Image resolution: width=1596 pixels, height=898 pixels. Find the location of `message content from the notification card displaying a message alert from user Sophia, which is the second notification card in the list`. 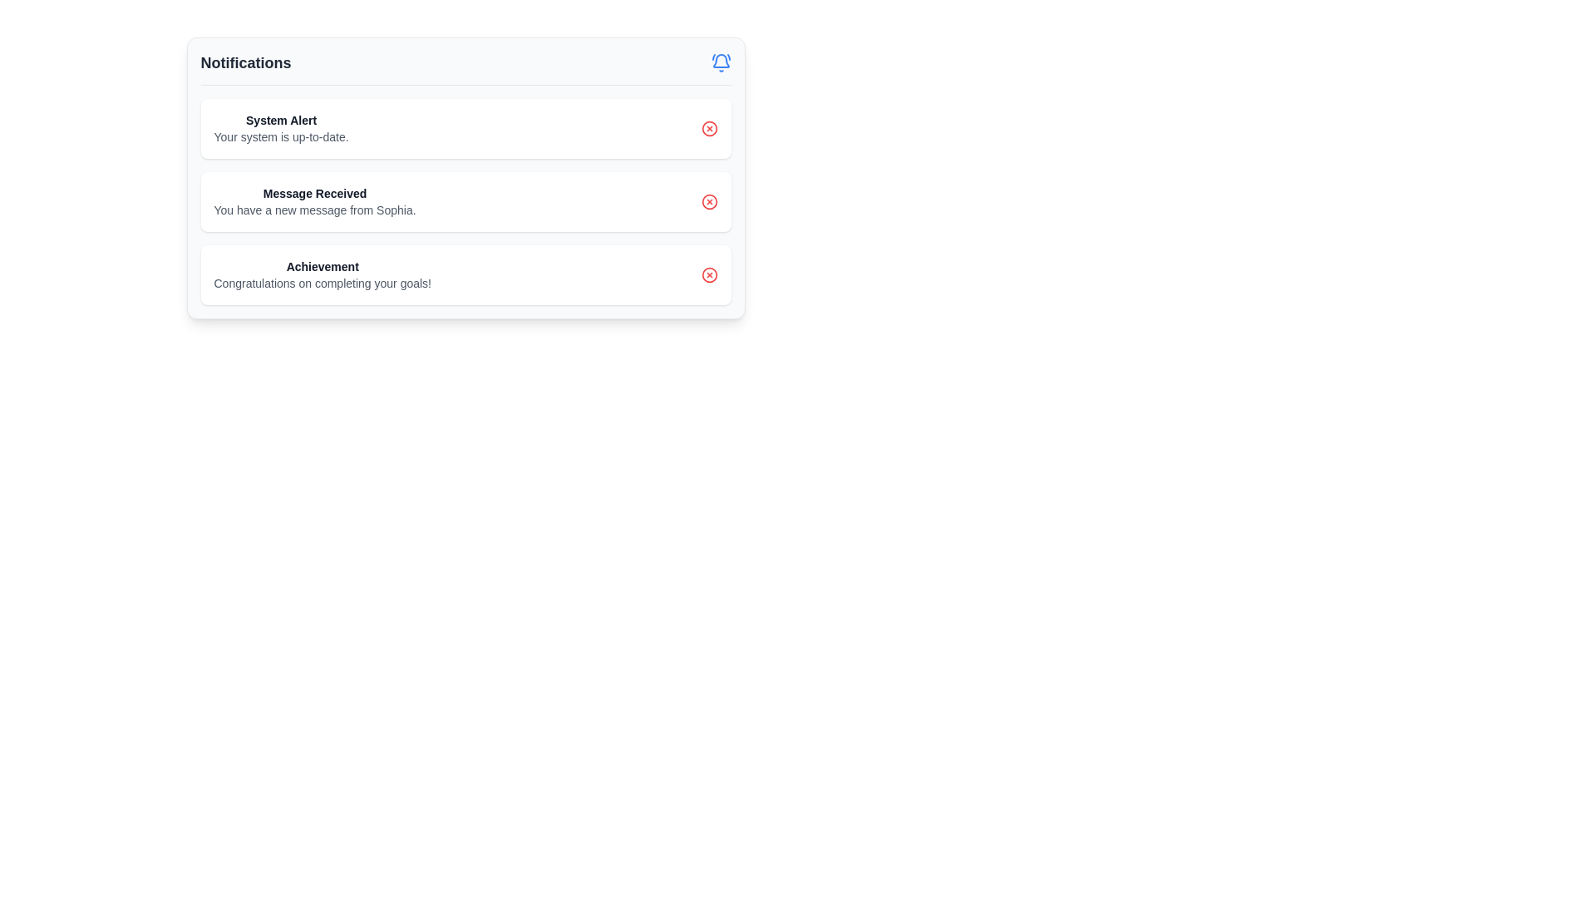

message content from the notification card displaying a message alert from user Sophia, which is the second notification card in the list is located at coordinates (315, 201).